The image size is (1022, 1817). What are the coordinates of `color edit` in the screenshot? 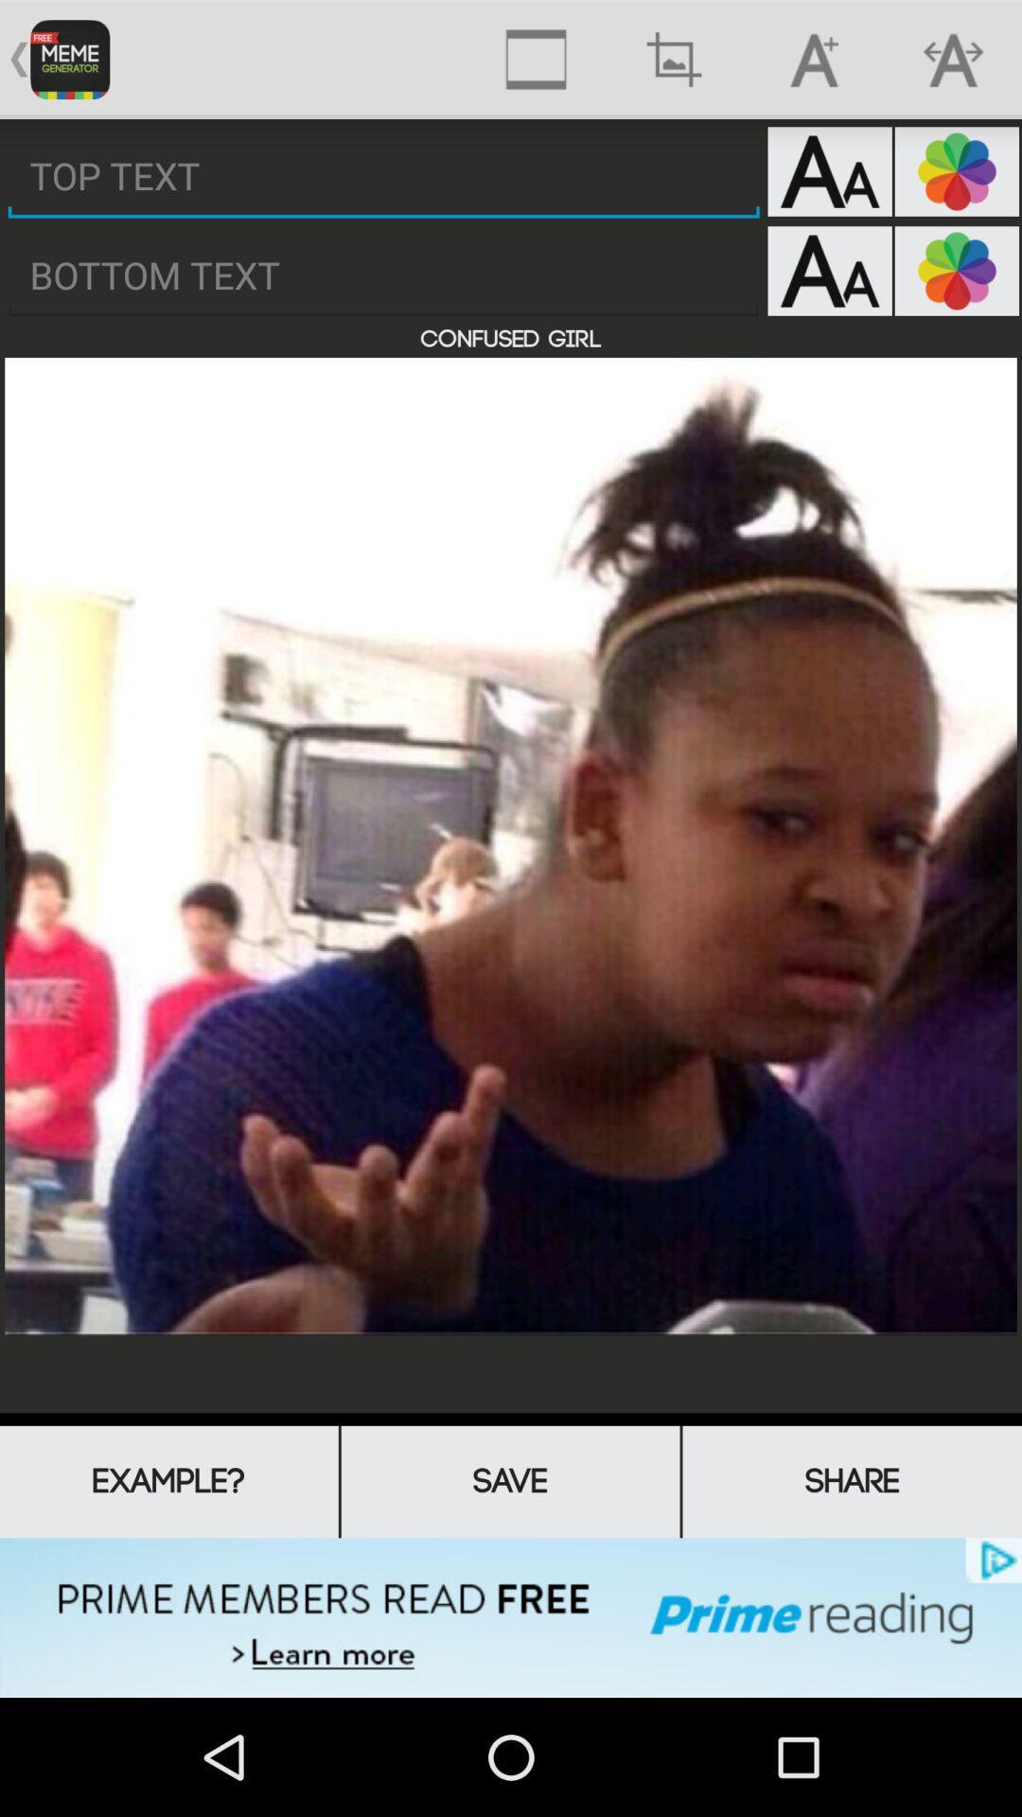 It's located at (957, 171).